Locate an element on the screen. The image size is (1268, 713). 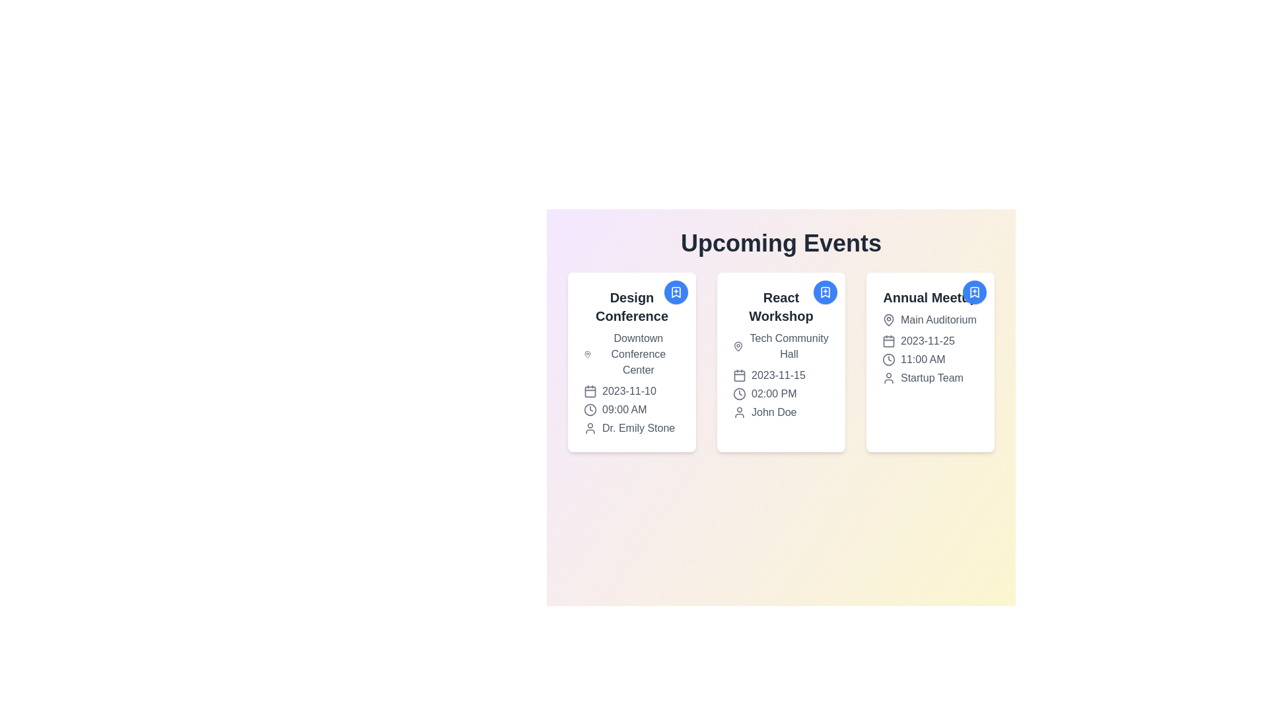
the bookmark button with an embedded SVG icon located at the top-right corner of the second card under 'Upcoming Events' to bookmark the event is located at coordinates (824, 292).